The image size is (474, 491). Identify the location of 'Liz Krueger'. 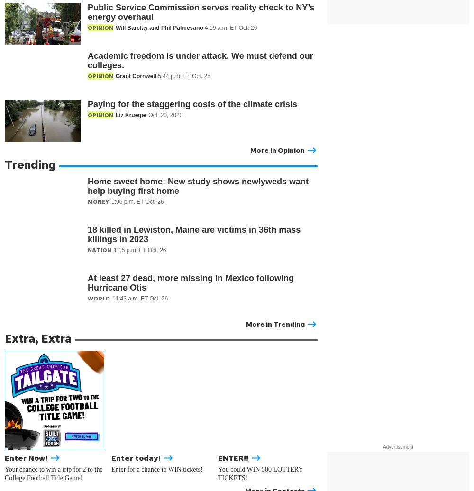
(132, 115).